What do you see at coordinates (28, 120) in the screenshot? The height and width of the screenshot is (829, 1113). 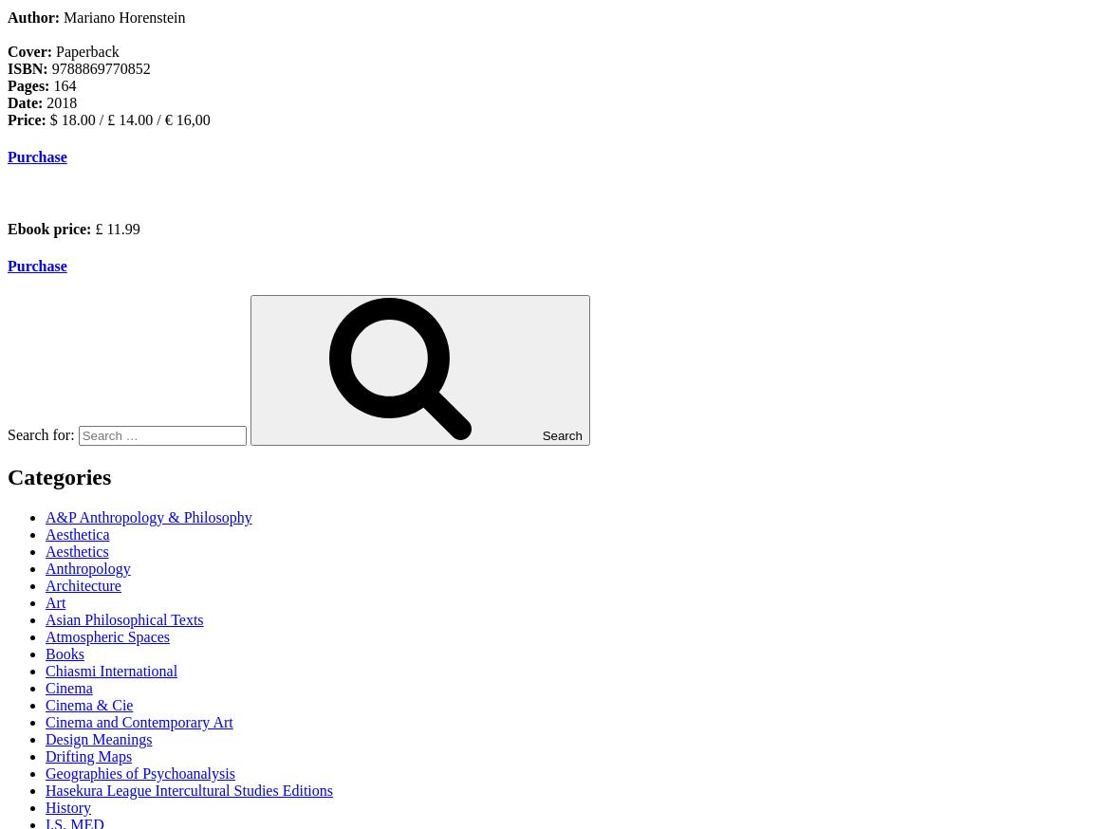 I see `'Price:'` at bounding box center [28, 120].